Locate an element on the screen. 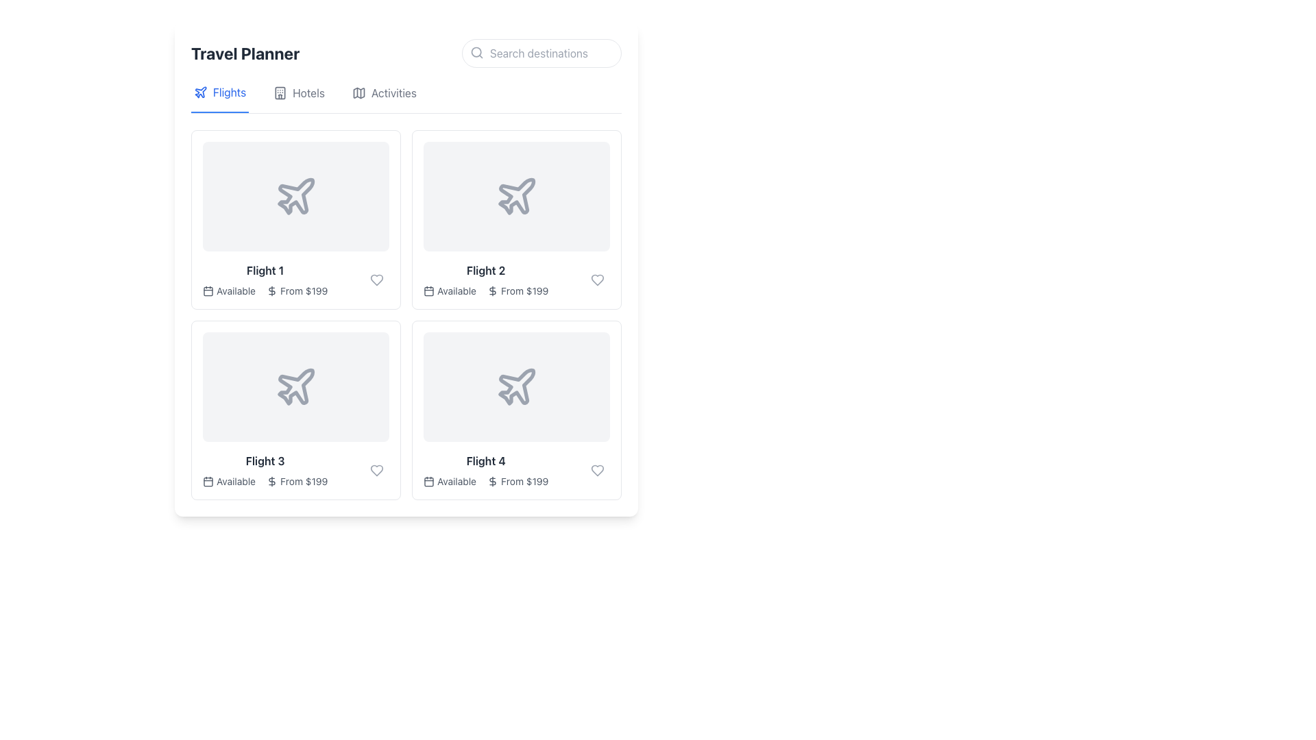  the text label that reads 'From $199' located in the bottom-left corner of the third flight card, positioned below the 'Available' label and to the right of a small dollar icon is located at coordinates (303, 480).